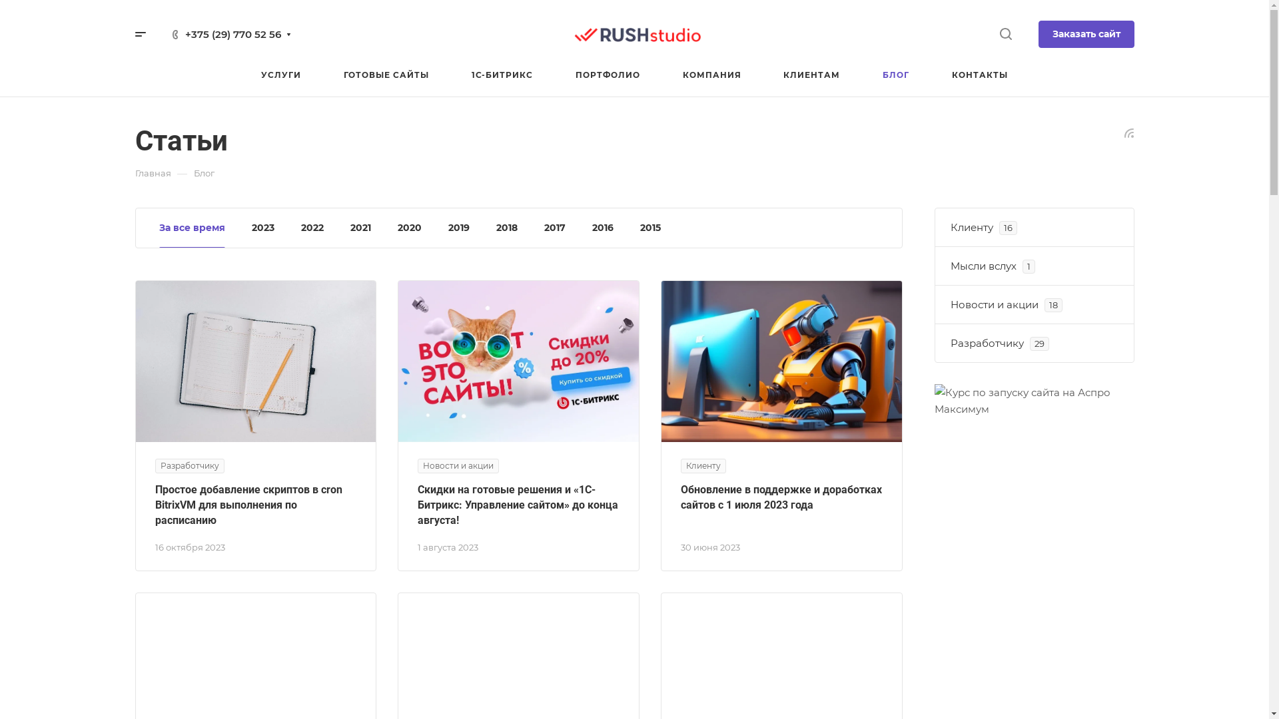 The width and height of the screenshot is (1279, 719). Describe the element at coordinates (530, 227) in the screenshot. I see `'2017'` at that location.